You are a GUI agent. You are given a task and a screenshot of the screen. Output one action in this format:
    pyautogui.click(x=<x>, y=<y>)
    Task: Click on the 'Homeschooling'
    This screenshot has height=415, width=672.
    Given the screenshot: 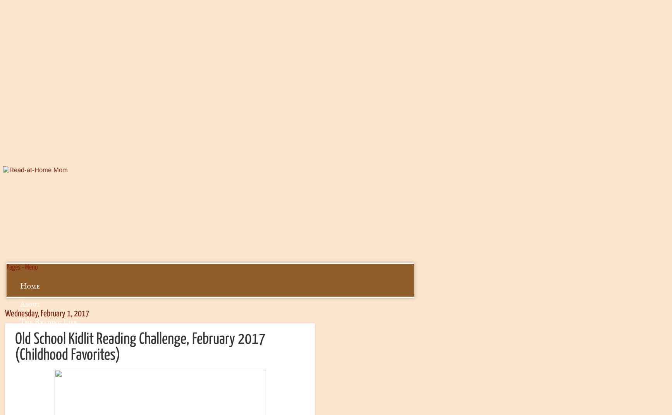 What is the action you would take?
    pyautogui.click(x=46, y=376)
    